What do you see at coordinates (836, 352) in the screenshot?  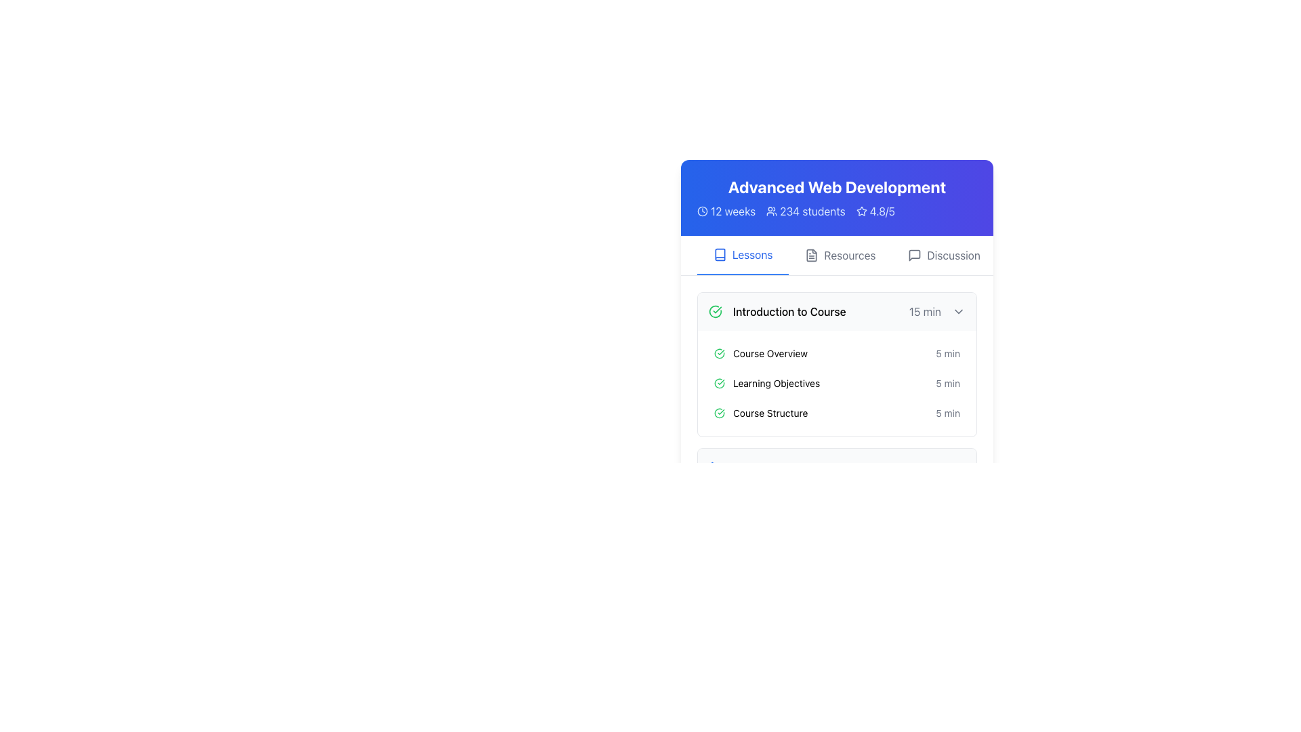 I see `the first item in the vertical list of course sections within the 'Introduction to Course' section of the course navigation menu` at bounding box center [836, 352].